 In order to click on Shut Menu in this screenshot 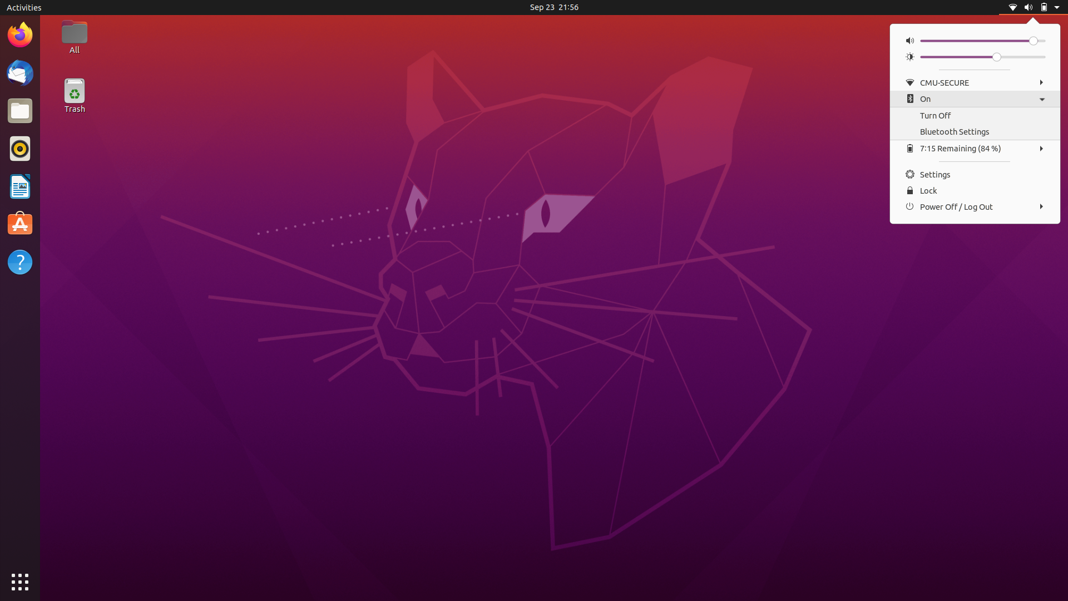, I will do `click(1032, 7)`.